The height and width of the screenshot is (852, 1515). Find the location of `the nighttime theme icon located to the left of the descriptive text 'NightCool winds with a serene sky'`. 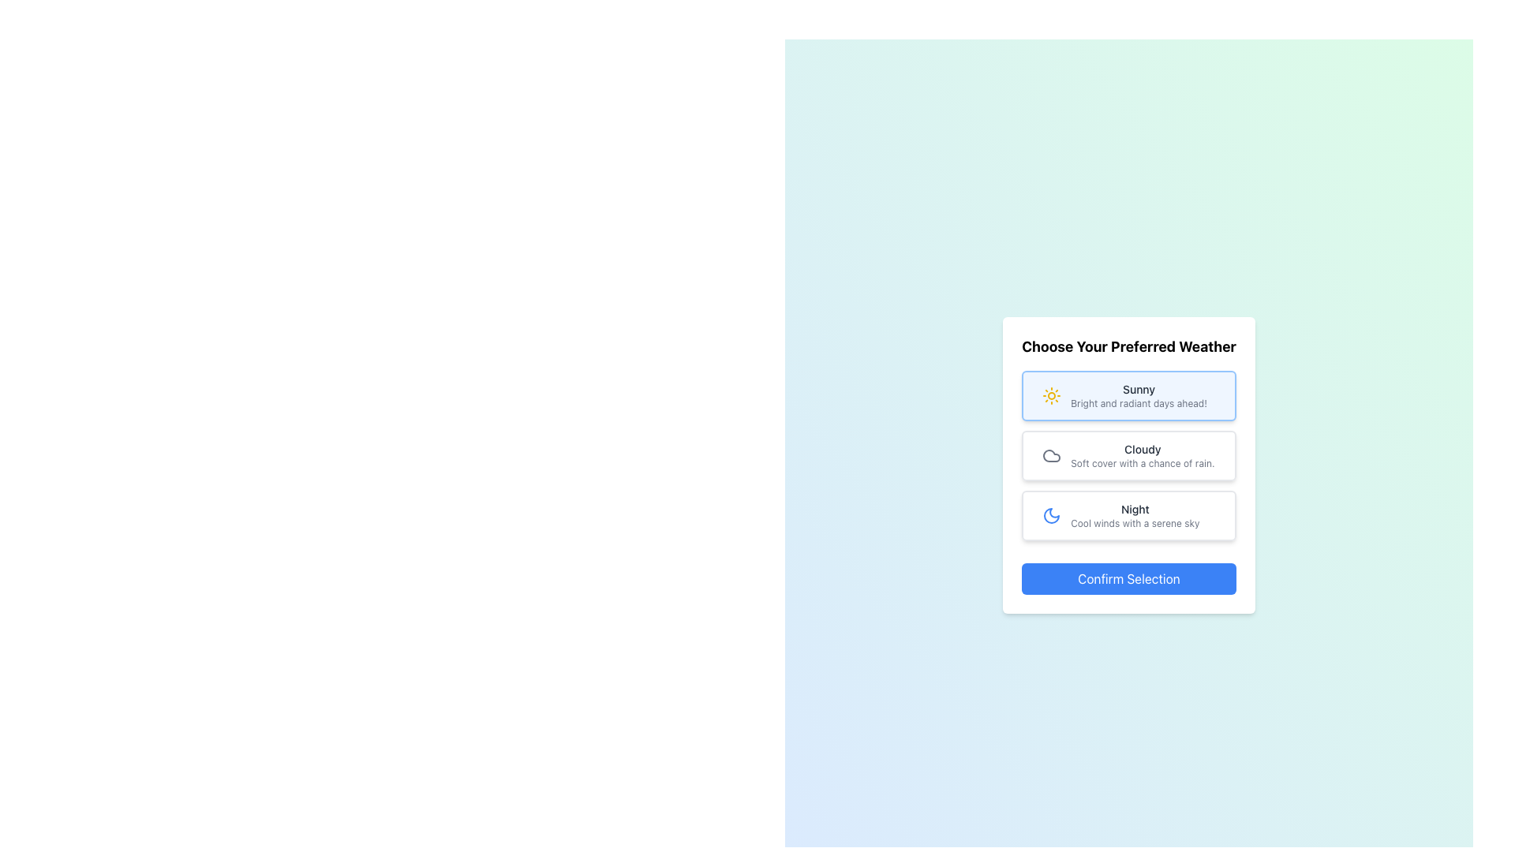

the nighttime theme icon located to the left of the descriptive text 'NightCool winds with a serene sky' is located at coordinates (1052, 516).